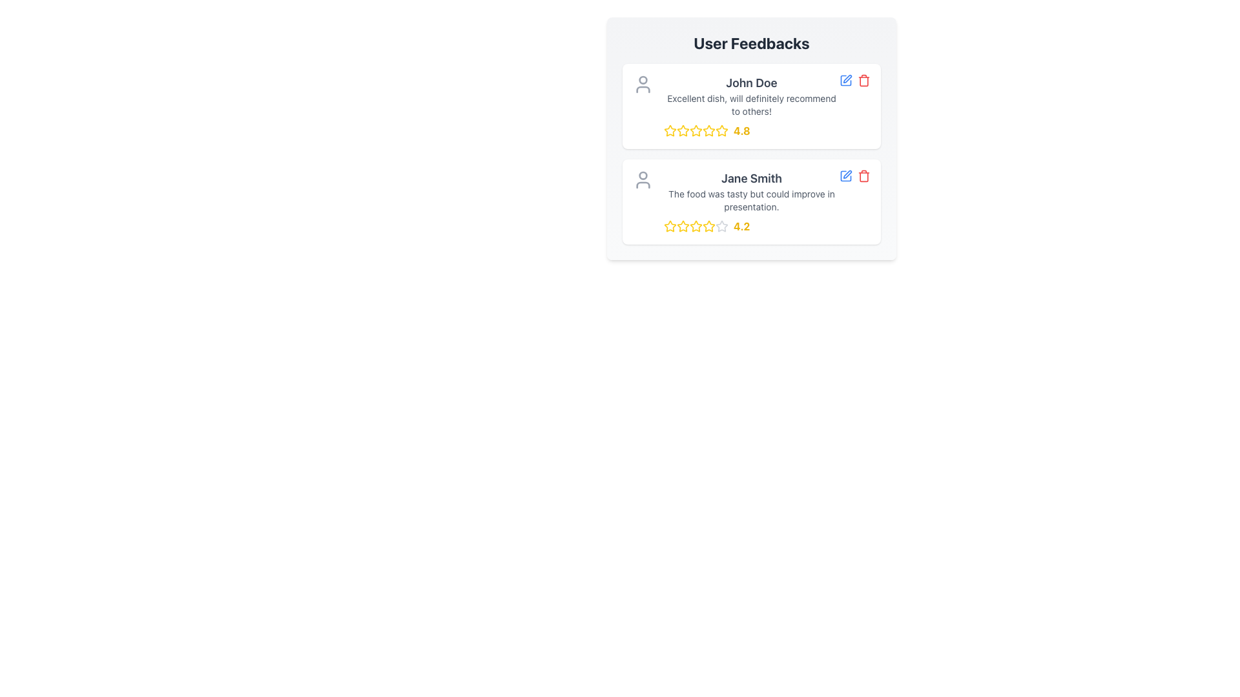 This screenshot has height=697, width=1240. I want to click on the small square-shaped vector graphic icon with rounded corners located next to 'Jane Smith's feedback in the feedback section, so click(846, 80).